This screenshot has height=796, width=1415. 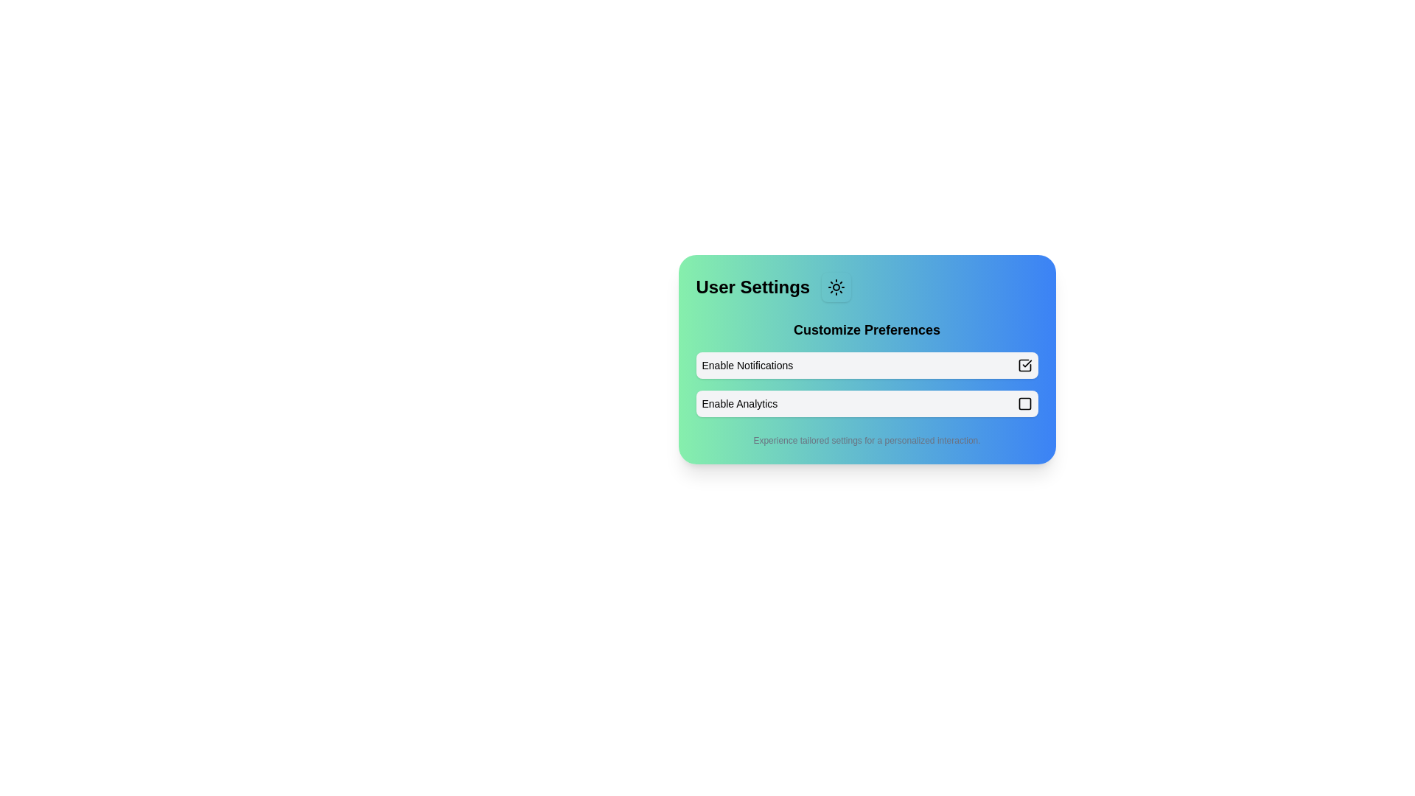 I want to click on the 'User Settings' text label, which is a bold, large font element located at the top-left corner of a gradient-colored card interface, so click(x=752, y=287).